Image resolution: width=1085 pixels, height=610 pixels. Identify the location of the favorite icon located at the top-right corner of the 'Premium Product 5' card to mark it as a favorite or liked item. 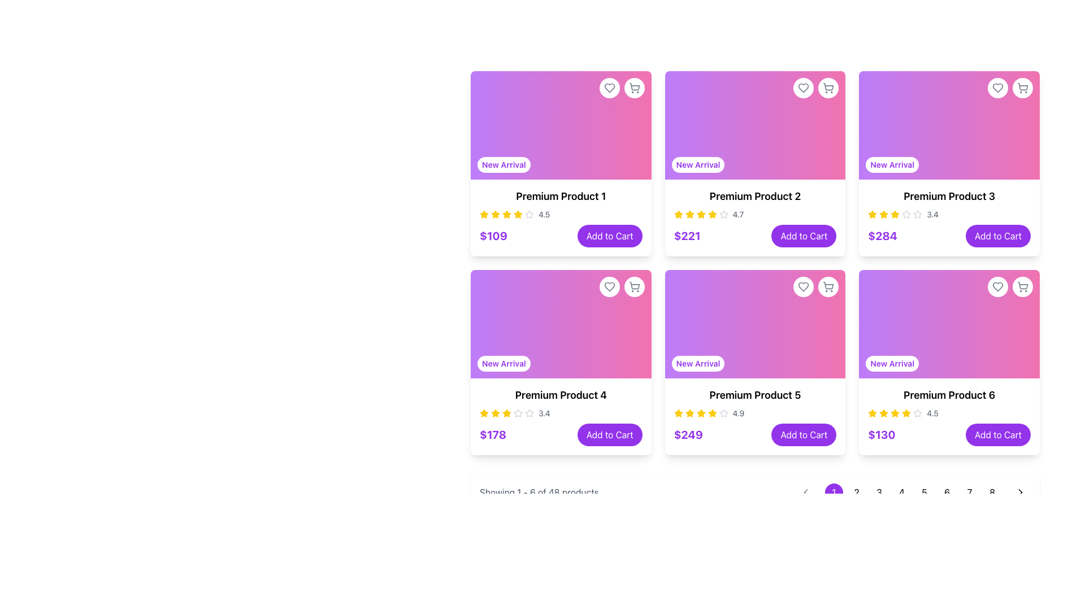
(803, 286).